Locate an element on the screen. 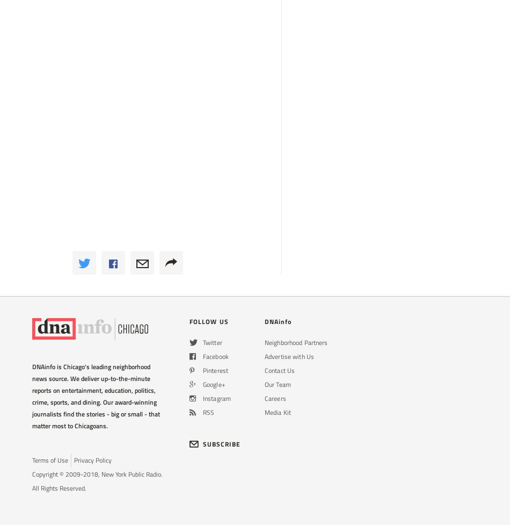 This screenshot has height=525, width=510. 'Media Kit' is located at coordinates (278, 412).